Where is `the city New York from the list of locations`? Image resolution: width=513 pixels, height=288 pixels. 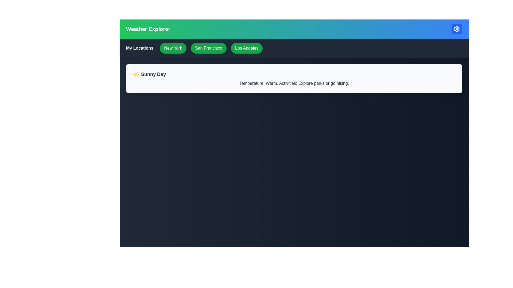
the city New York from the list of locations is located at coordinates (173, 48).